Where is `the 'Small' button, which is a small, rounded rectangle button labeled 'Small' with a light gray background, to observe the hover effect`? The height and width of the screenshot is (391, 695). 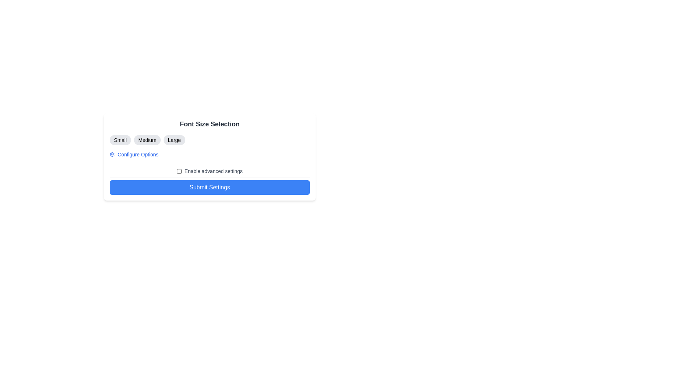
the 'Small' button, which is a small, rounded rectangle button labeled 'Small' with a light gray background, to observe the hover effect is located at coordinates (120, 140).